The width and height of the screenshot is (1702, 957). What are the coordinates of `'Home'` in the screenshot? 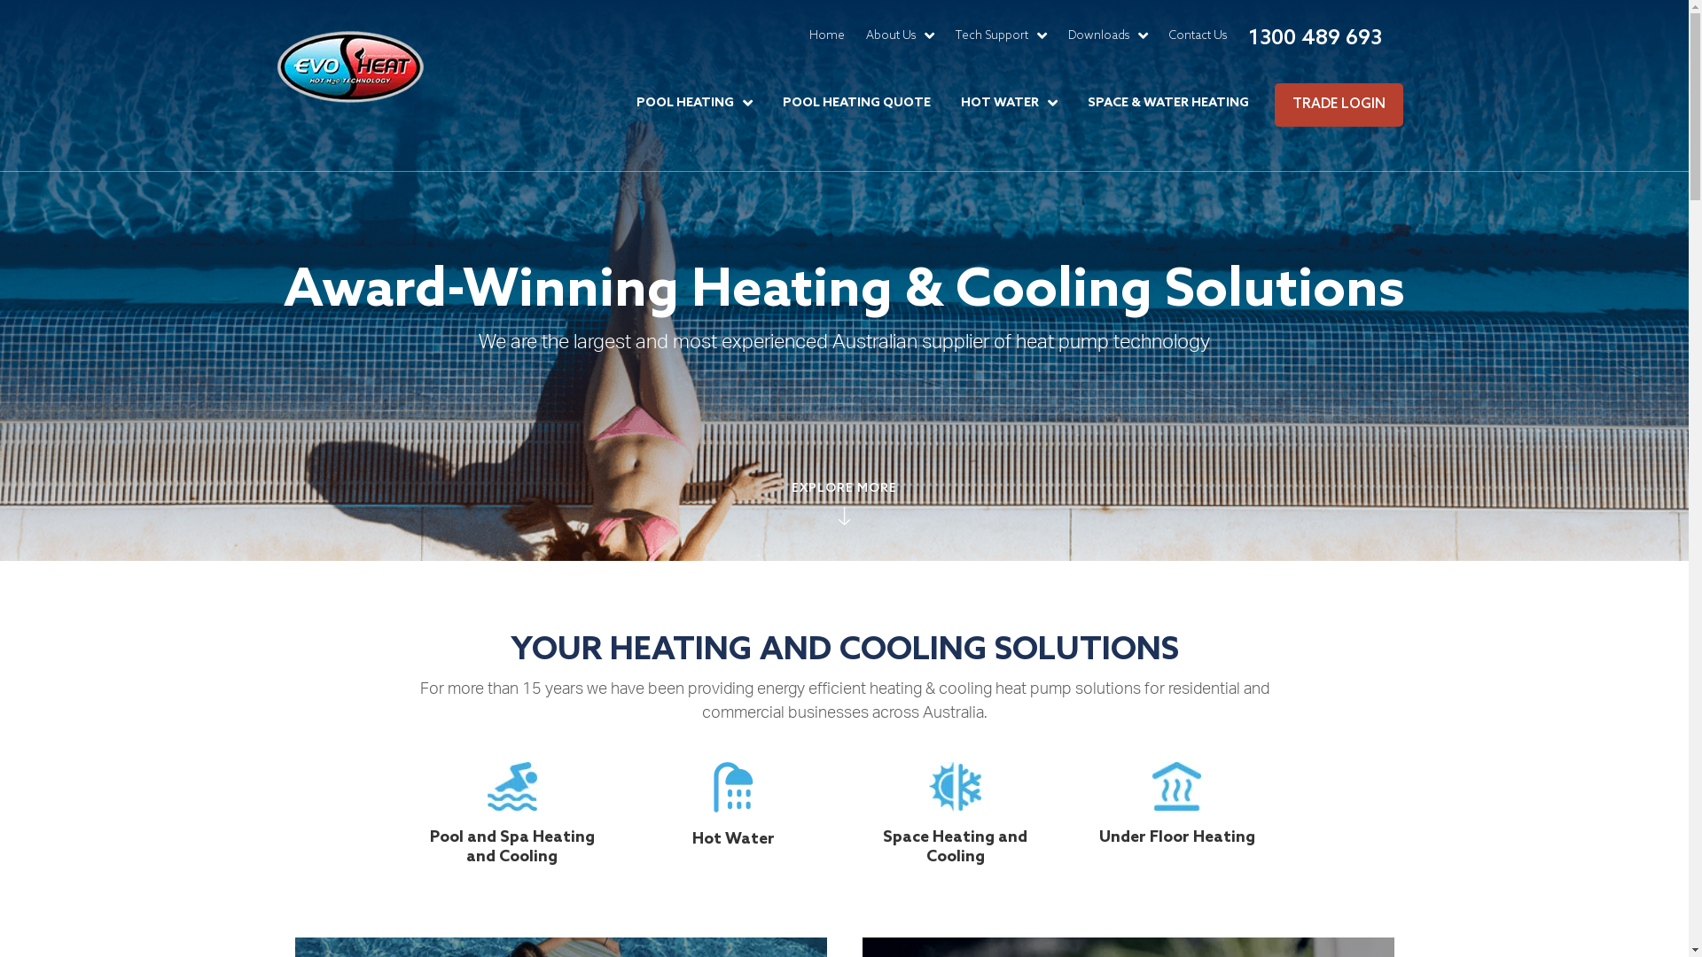 It's located at (808, 35).